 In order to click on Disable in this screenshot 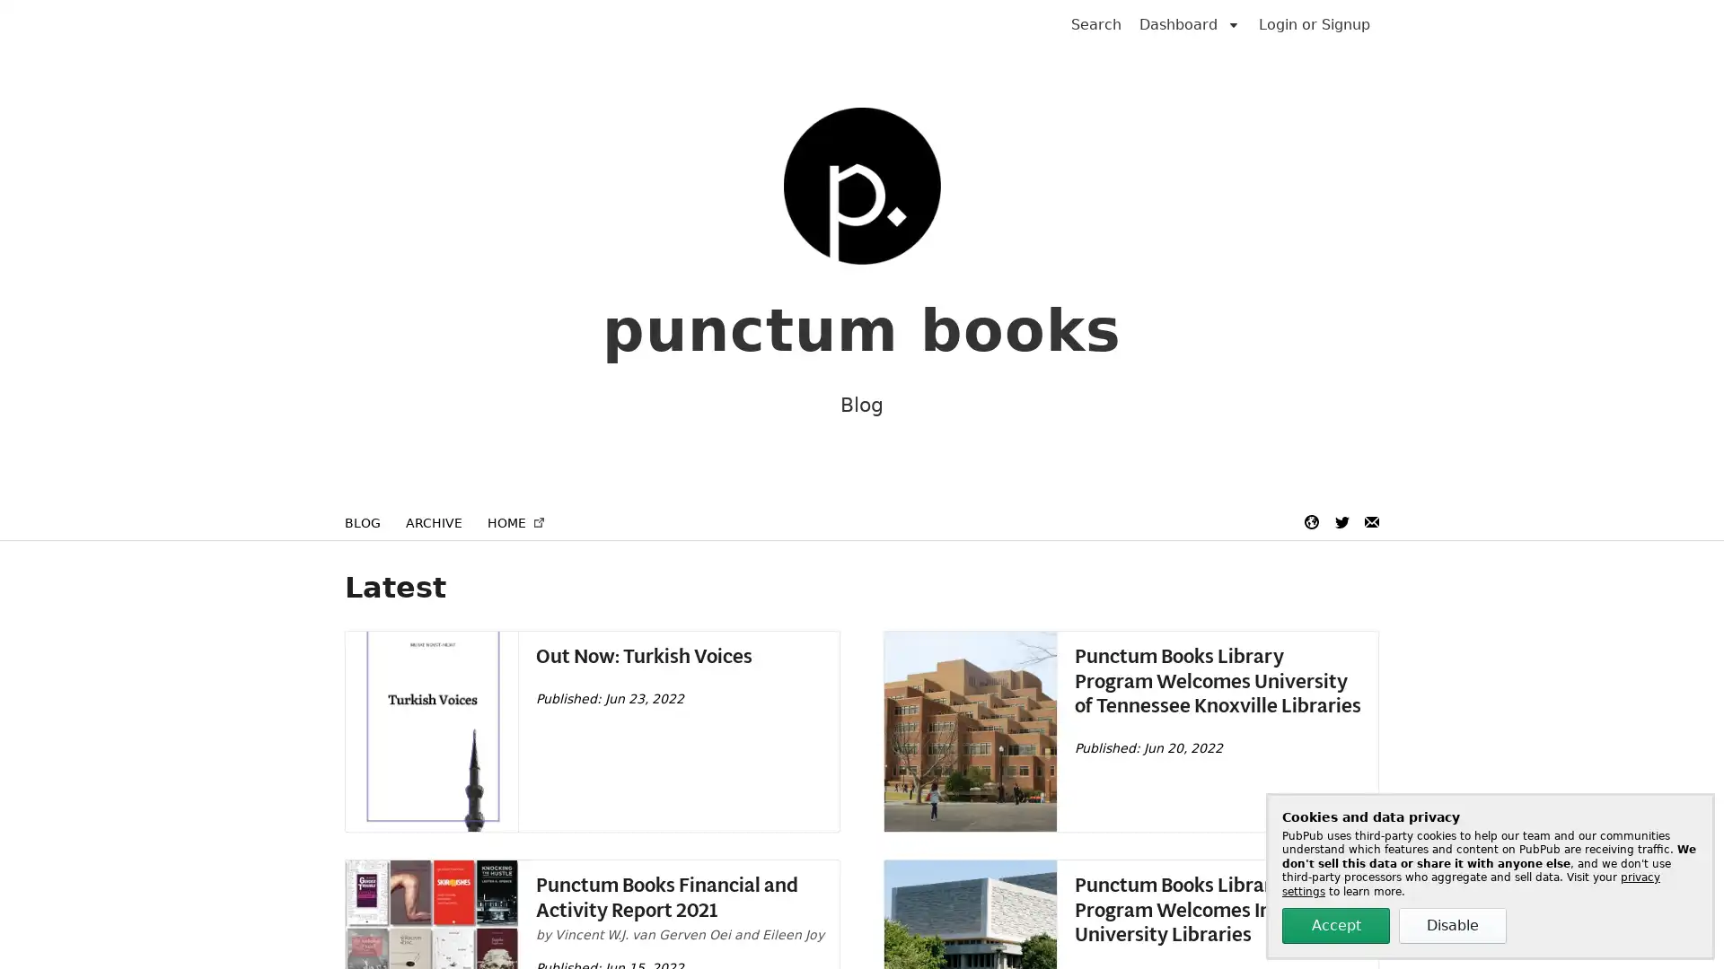, I will do `click(1452, 926)`.